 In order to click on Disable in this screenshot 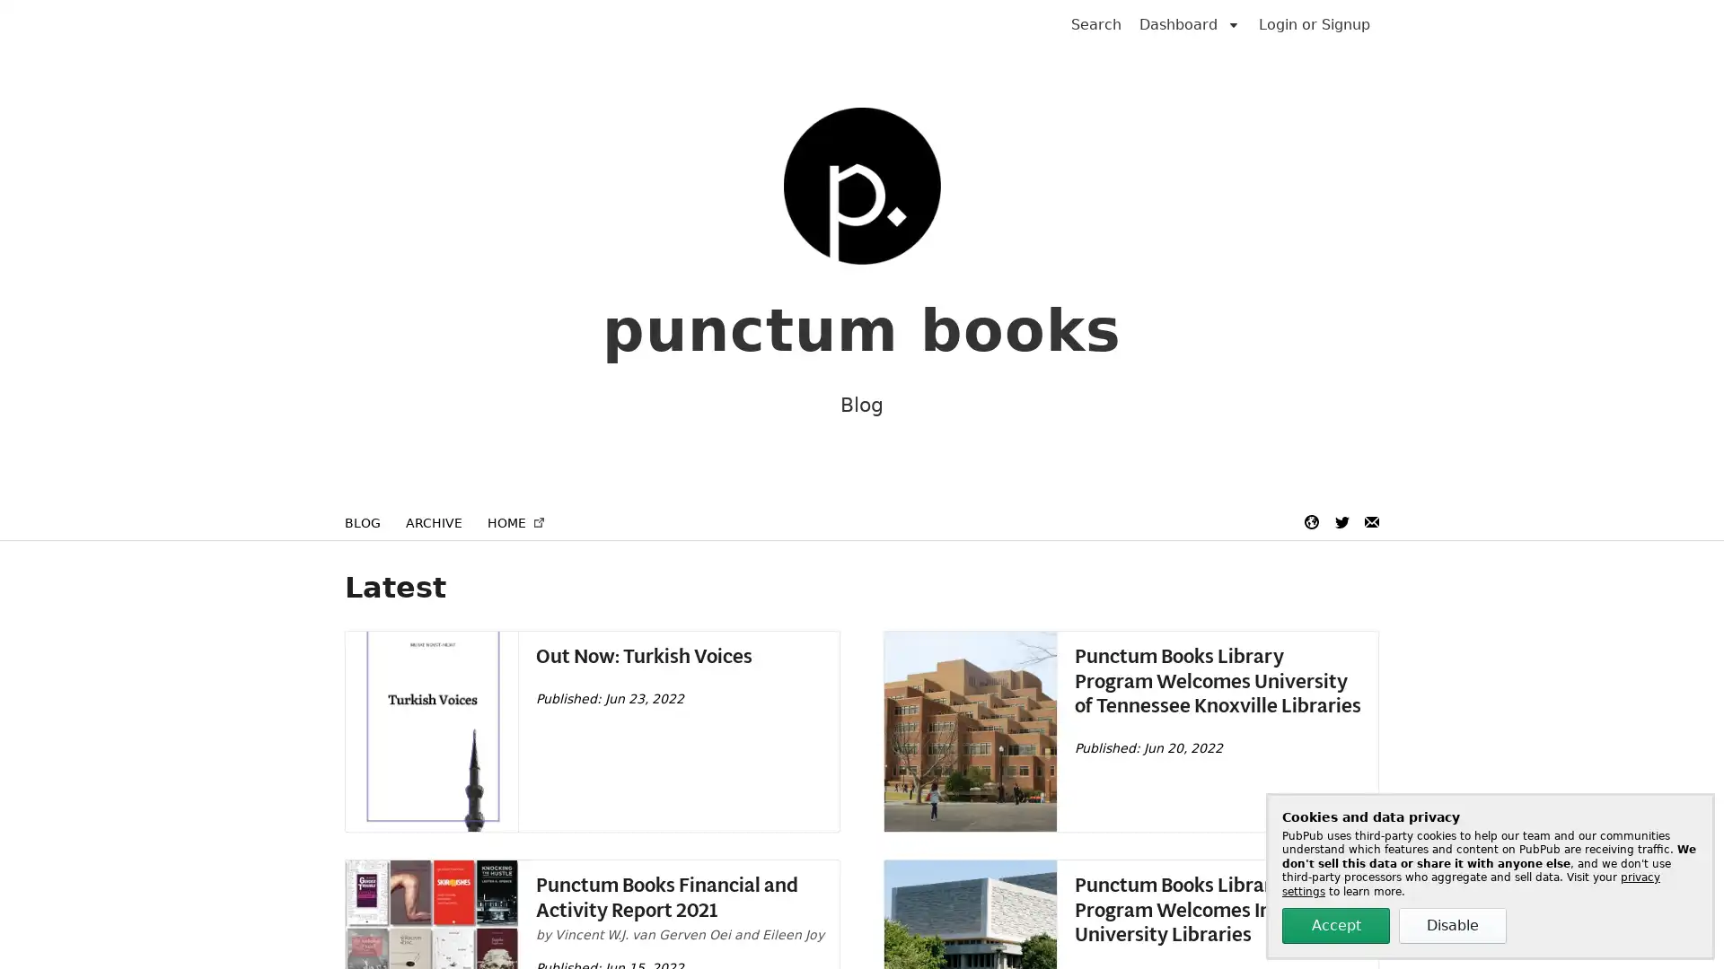, I will do `click(1452, 926)`.